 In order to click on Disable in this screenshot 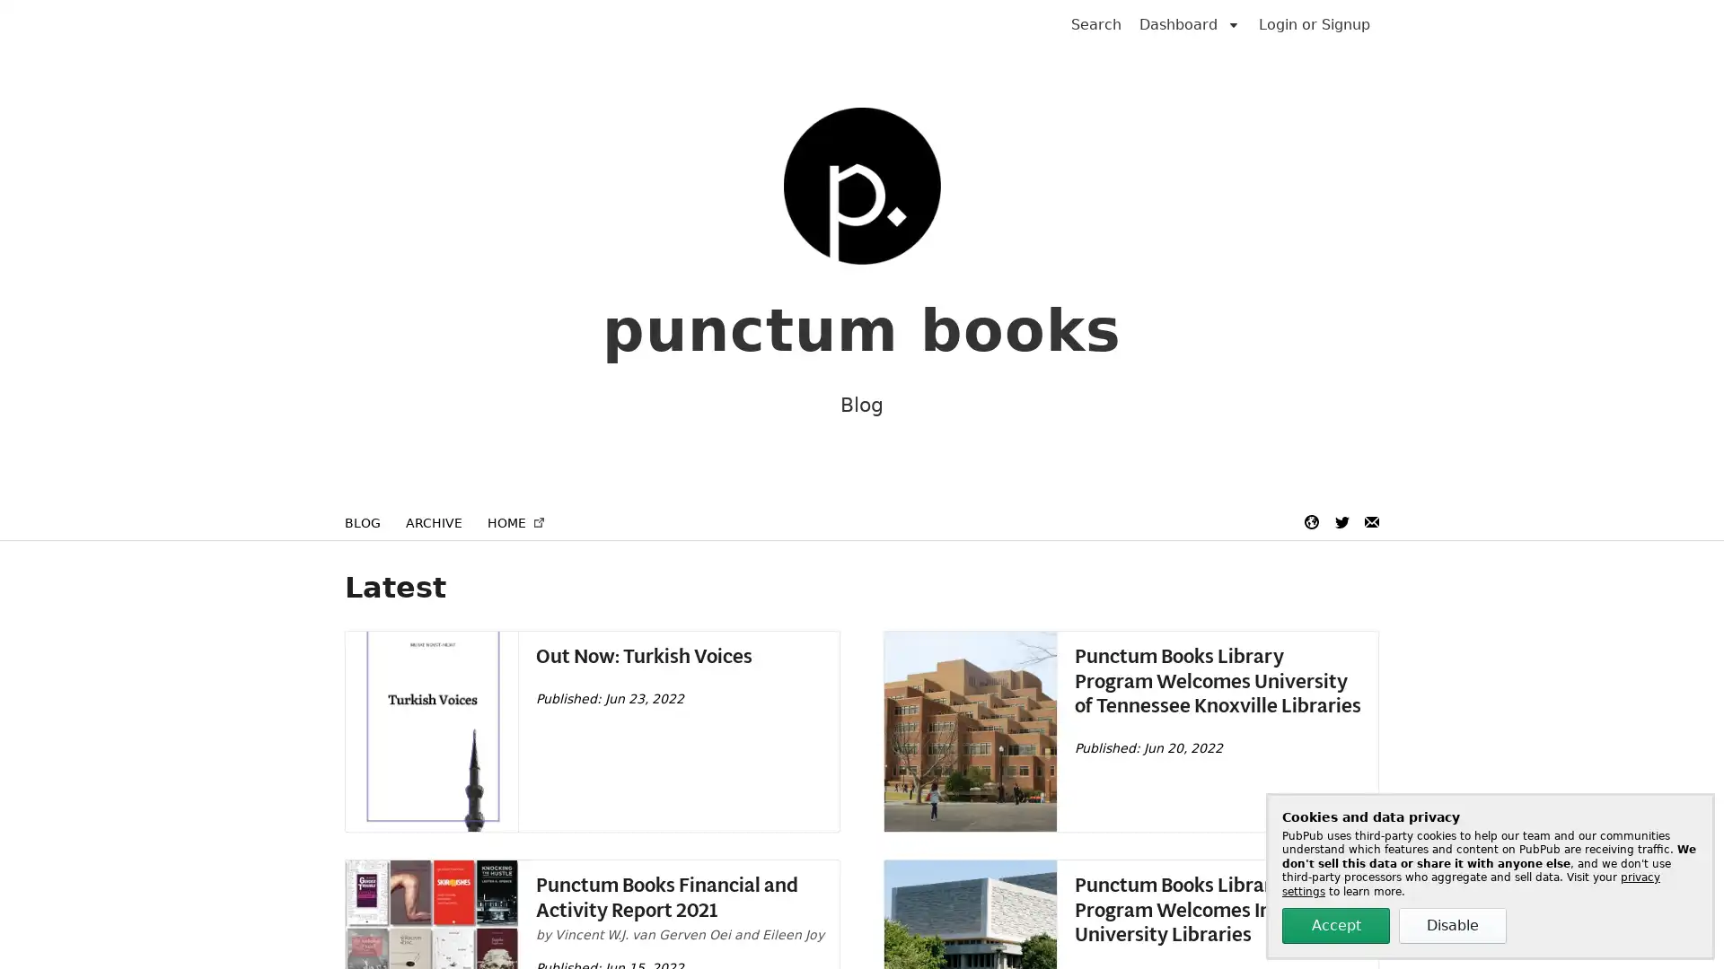, I will do `click(1452, 926)`.